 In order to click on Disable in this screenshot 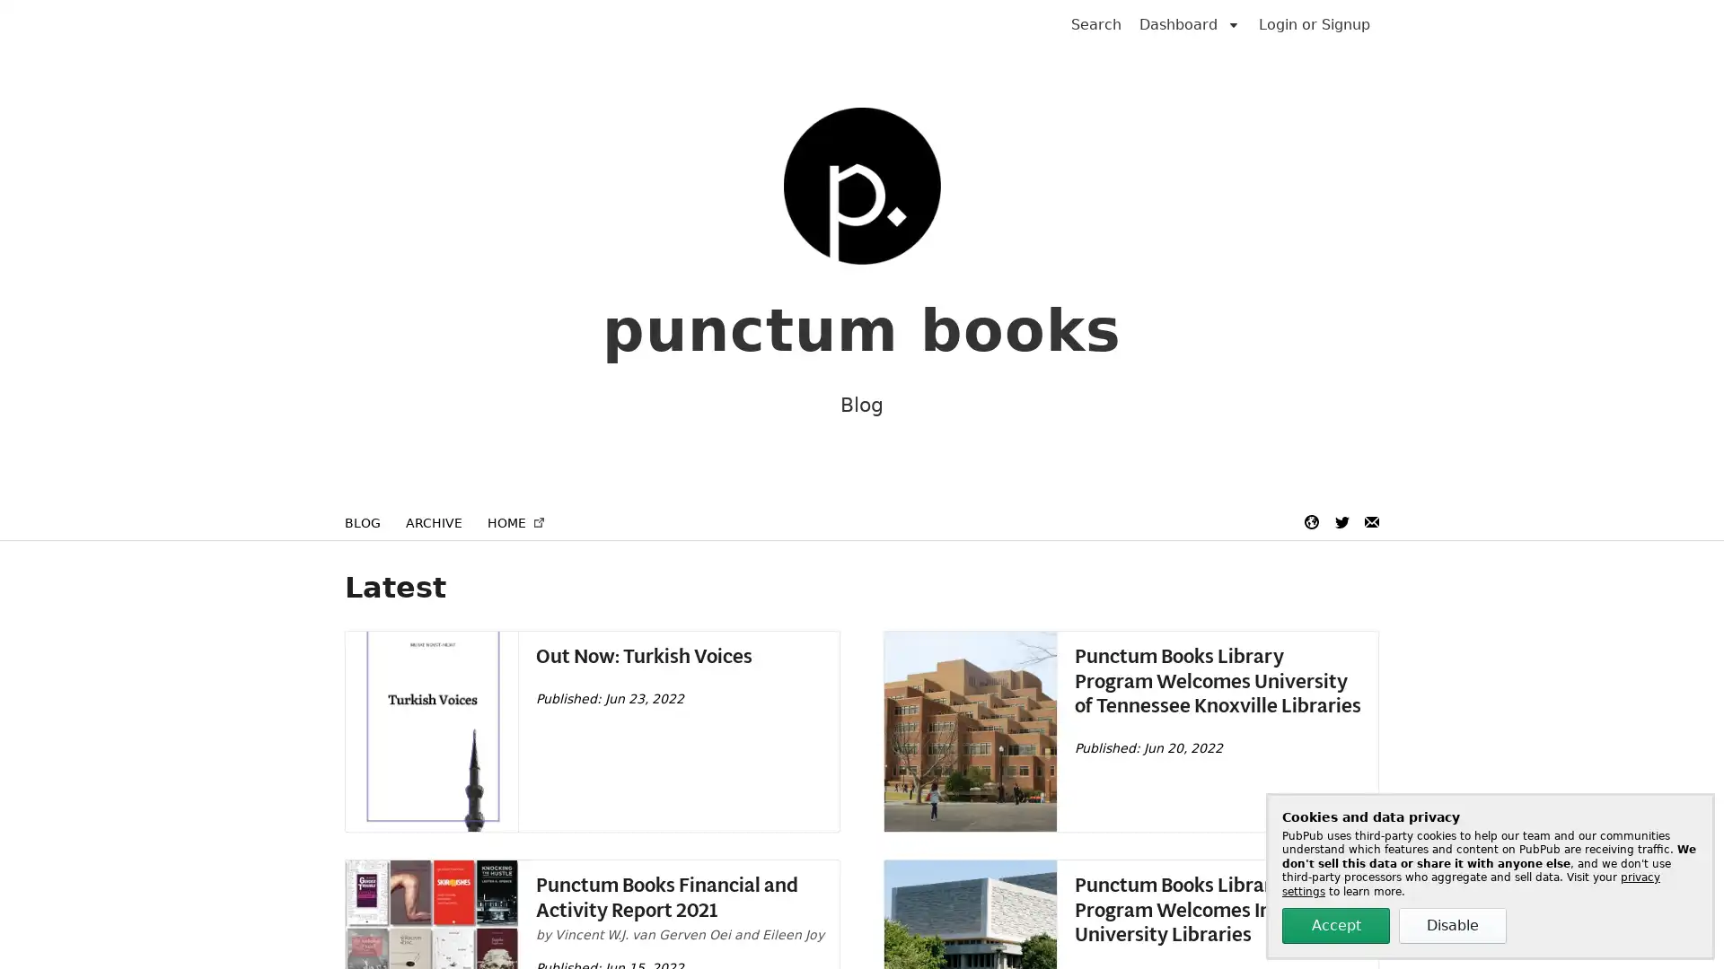, I will do `click(1452, 926)`.